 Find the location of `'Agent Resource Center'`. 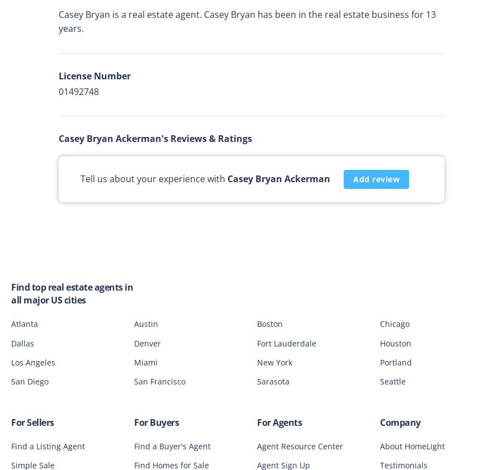

'Agent Resource Center' is located at coordinates (300, 445).